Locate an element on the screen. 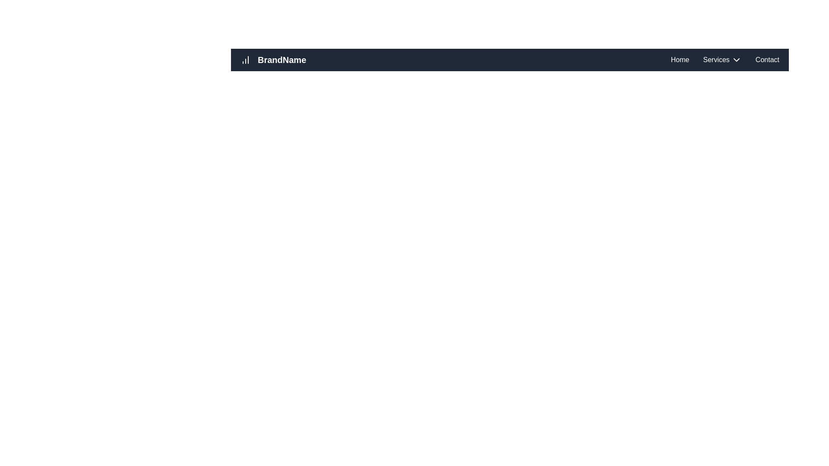 This screenshot has width=829, height=466. the downward chevron arrow icon located immediately to the right of the 'Services' text in the top navigation bar is located at coordinates (736, 59).